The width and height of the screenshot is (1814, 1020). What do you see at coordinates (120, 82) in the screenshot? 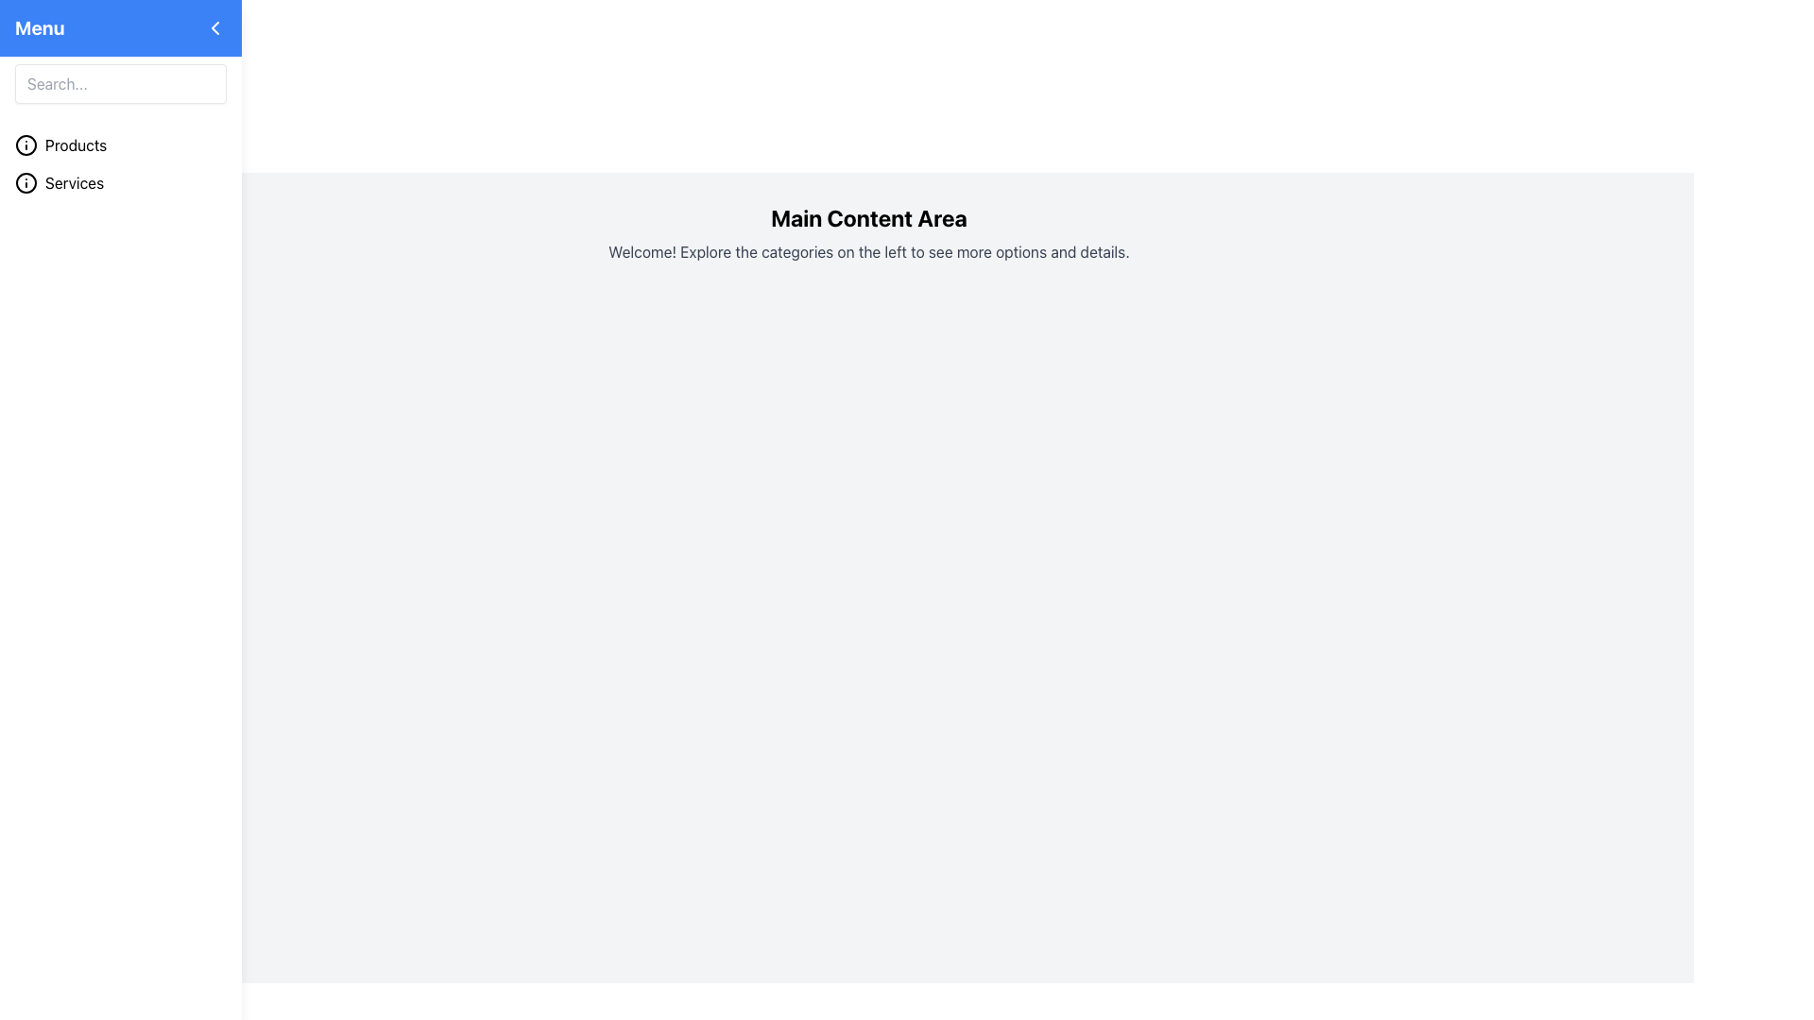
I see `the search bar located in the top-left corner of the sidebar section, directly below the title 'Menu' to focus the input` at bounding box center [120, 82].